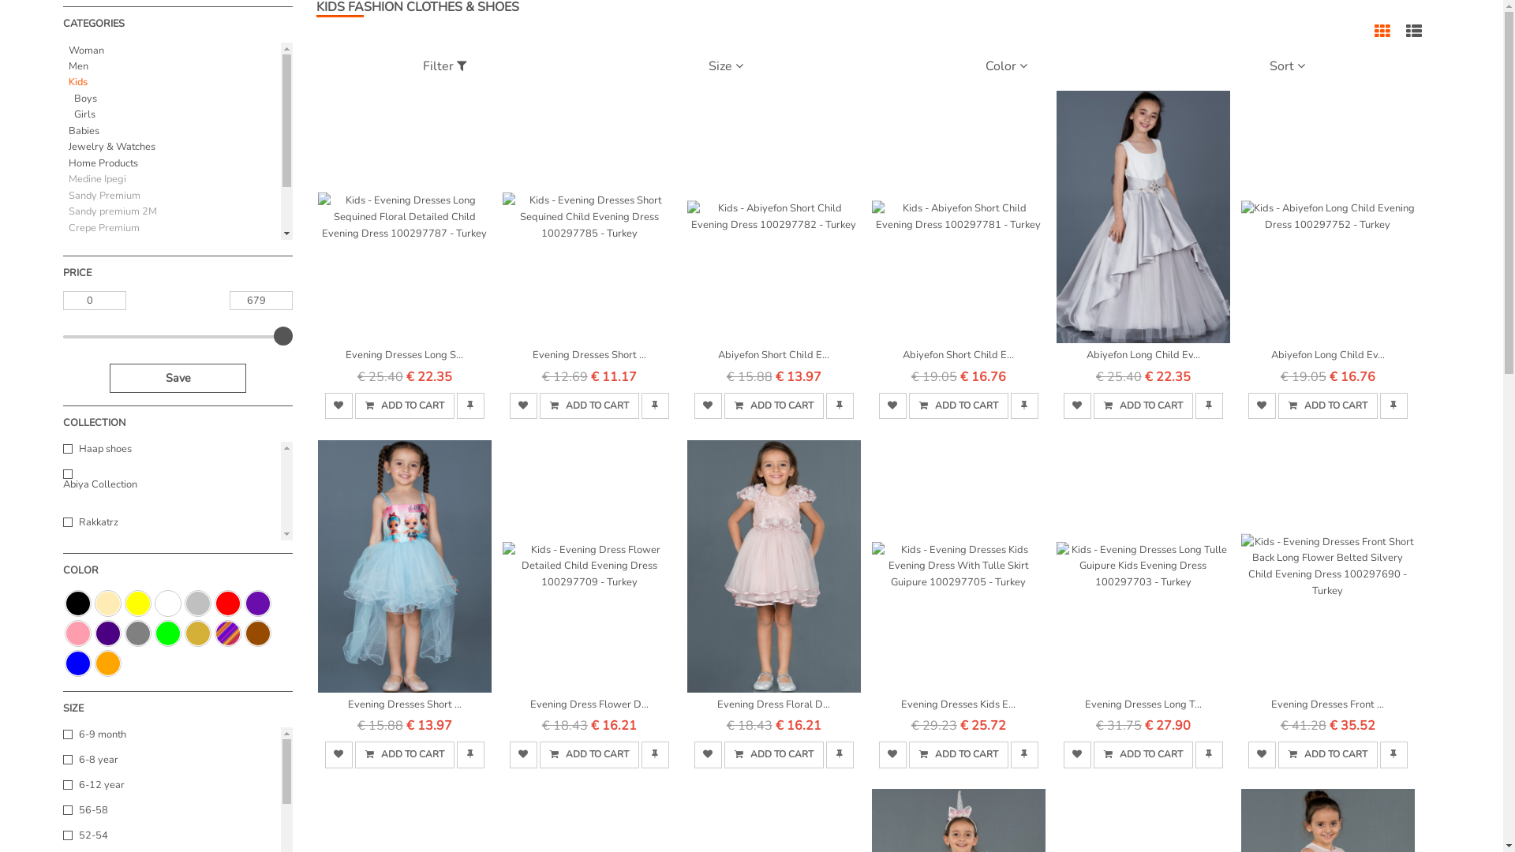  I want to click on 'Kids - Abiyefon Short Child Evening Dress 100297781 - Turkey', so click(957, 217).